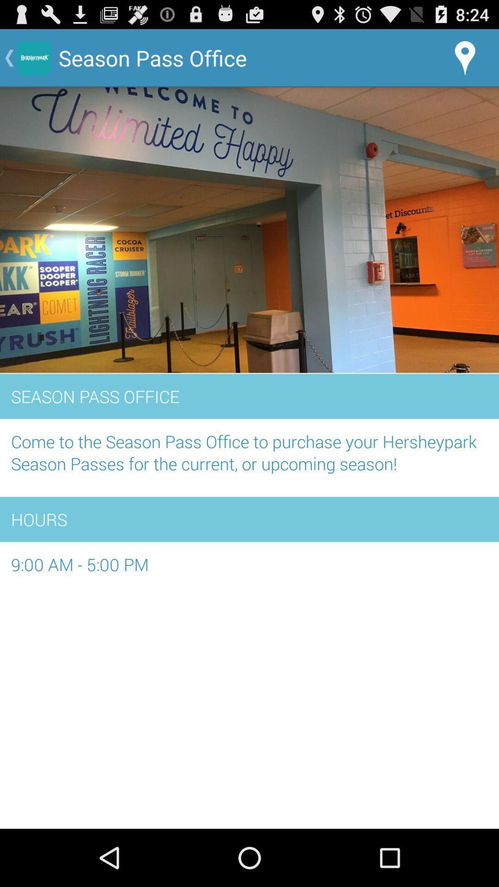  I want to click on the app above hours item, so click(249, 458).